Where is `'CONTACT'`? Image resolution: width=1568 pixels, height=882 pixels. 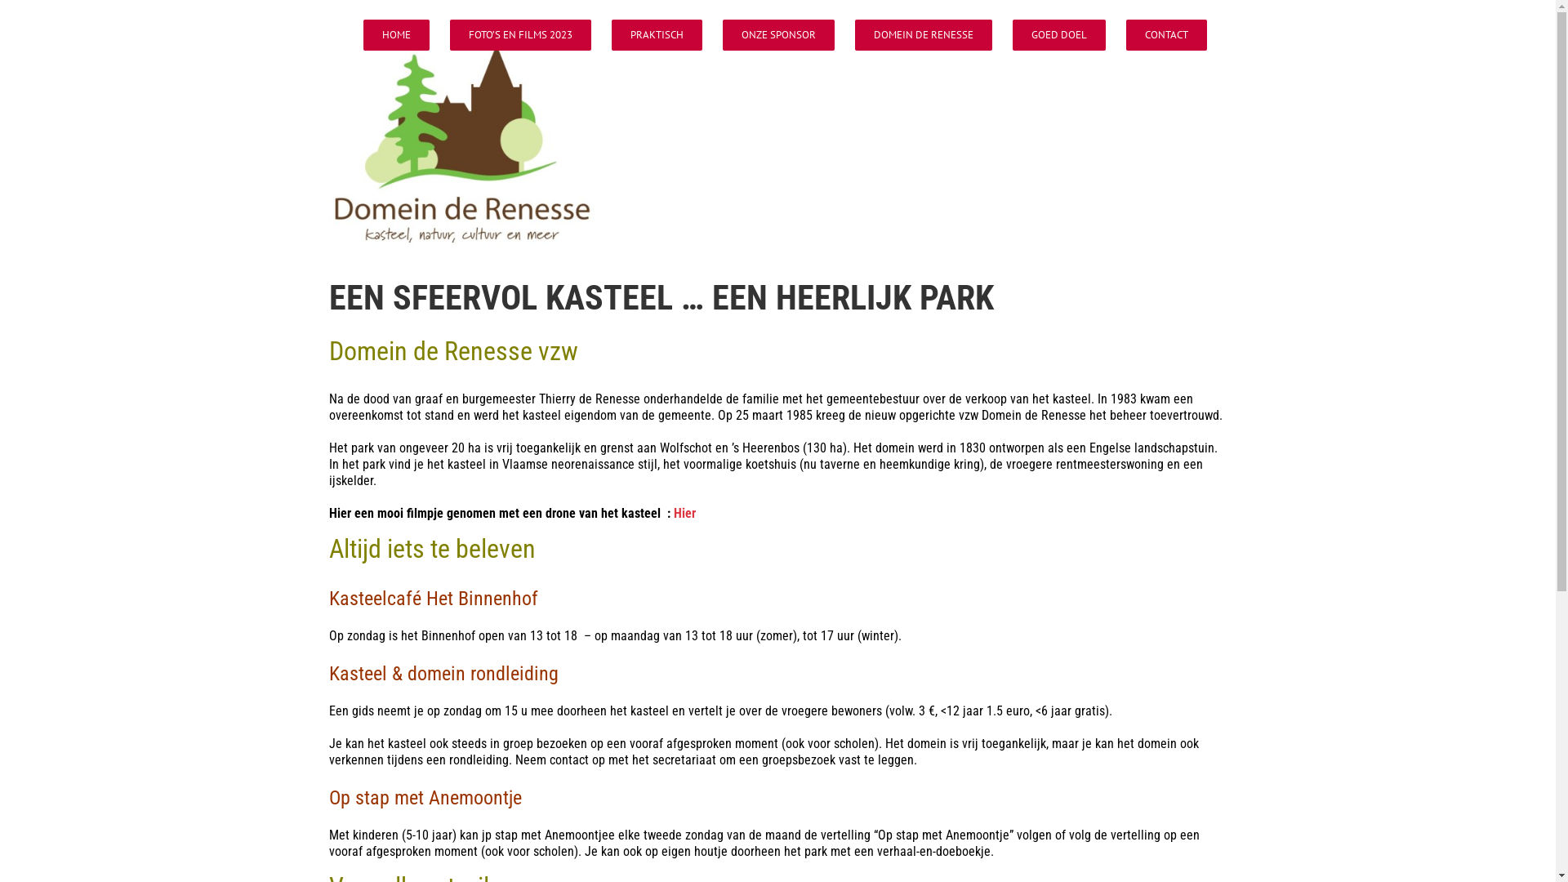 'CONTACT' is located at coordinates (1165, 34).